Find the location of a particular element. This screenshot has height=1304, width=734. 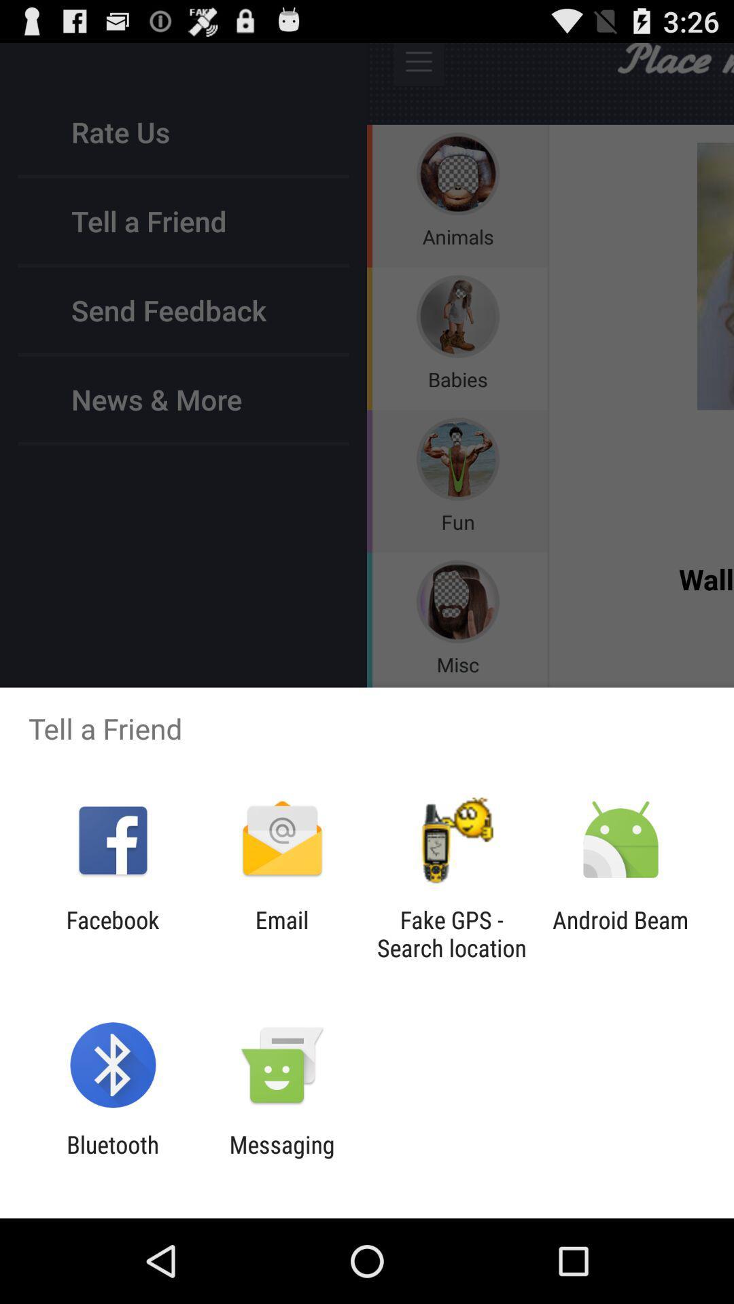

bluetooth app is located at coordinates (112, 1158).